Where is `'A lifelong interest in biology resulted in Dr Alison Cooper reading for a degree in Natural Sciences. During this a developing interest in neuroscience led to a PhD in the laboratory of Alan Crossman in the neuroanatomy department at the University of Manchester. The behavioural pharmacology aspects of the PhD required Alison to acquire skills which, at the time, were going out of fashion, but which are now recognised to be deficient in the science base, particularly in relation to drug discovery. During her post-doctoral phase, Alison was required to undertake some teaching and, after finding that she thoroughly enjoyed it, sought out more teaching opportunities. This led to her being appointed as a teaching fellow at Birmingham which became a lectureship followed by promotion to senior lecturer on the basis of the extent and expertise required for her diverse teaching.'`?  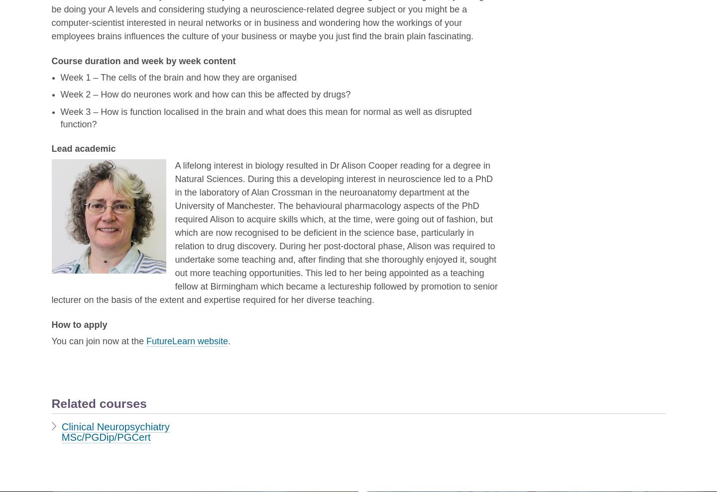 'A lifelong interest in biology resulted in Dr Alison Cooper reading for a degree in Natural Sciences. During this a developing interest in neuroscience led to a PhD in the laboratory of Alan Crossman in the neuroanatomy department at the University of Manchester. The behavioural pharmacology aspects of the PhD required Alison to acquire skills which, at the time, were going out of fashion, but which are now recognised to be deficient in the science base, particularly in relation to drug discovery. During her post-doctoral phase, Alison was required to undertake some teaching and, after finding that she thoroughly enjoyed it, sought out more teaching opportunities. This led to her being appointed as a teaching fellow at Birmingham which became a lectureship followed by promotion to senior lecturer on the basis of the extent and expertise required for her diverse teaching.' is located at coordinates (274, 232).